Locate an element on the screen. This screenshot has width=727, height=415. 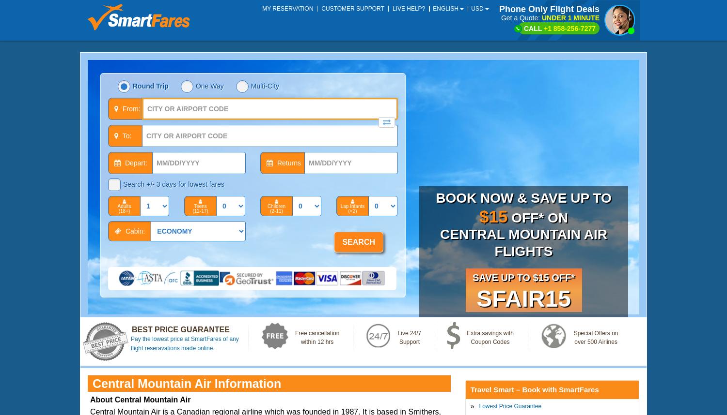
'Travel Smart – Book with SmartFares' is located at coordinates (534, 389).